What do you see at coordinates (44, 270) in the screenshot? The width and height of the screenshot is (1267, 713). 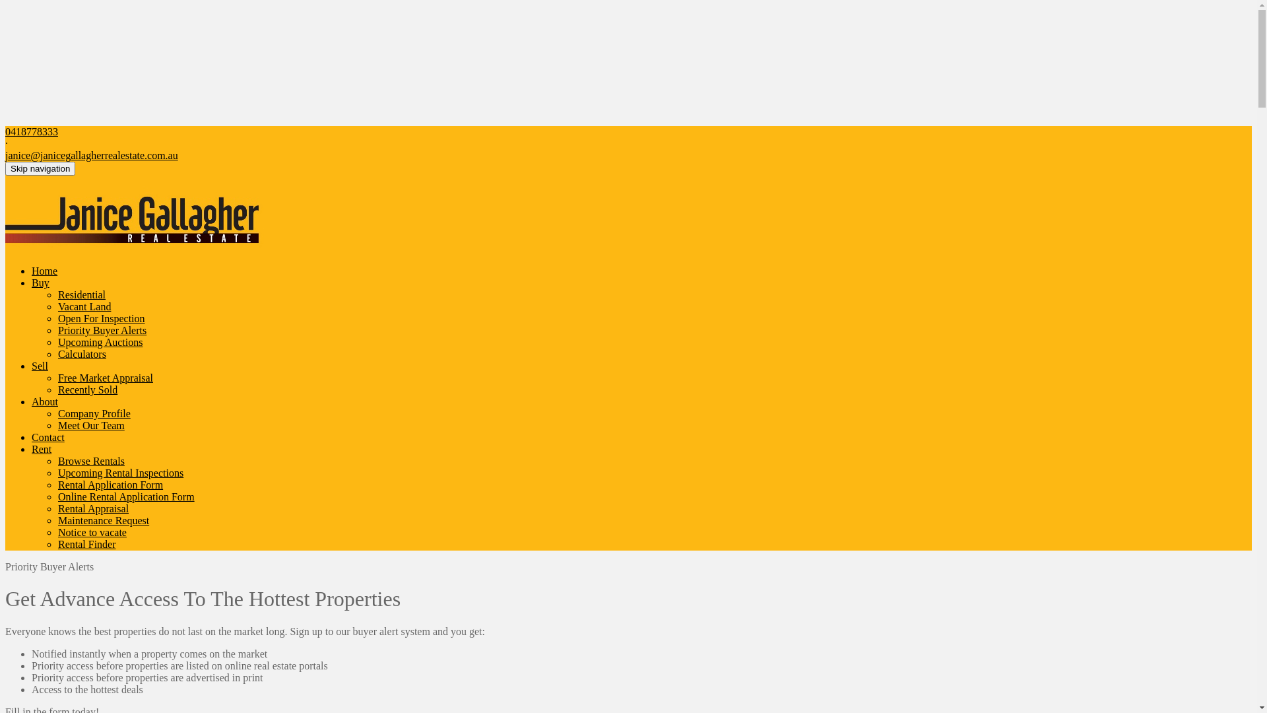 I see `'Home'` at bounding box center [44, 270].